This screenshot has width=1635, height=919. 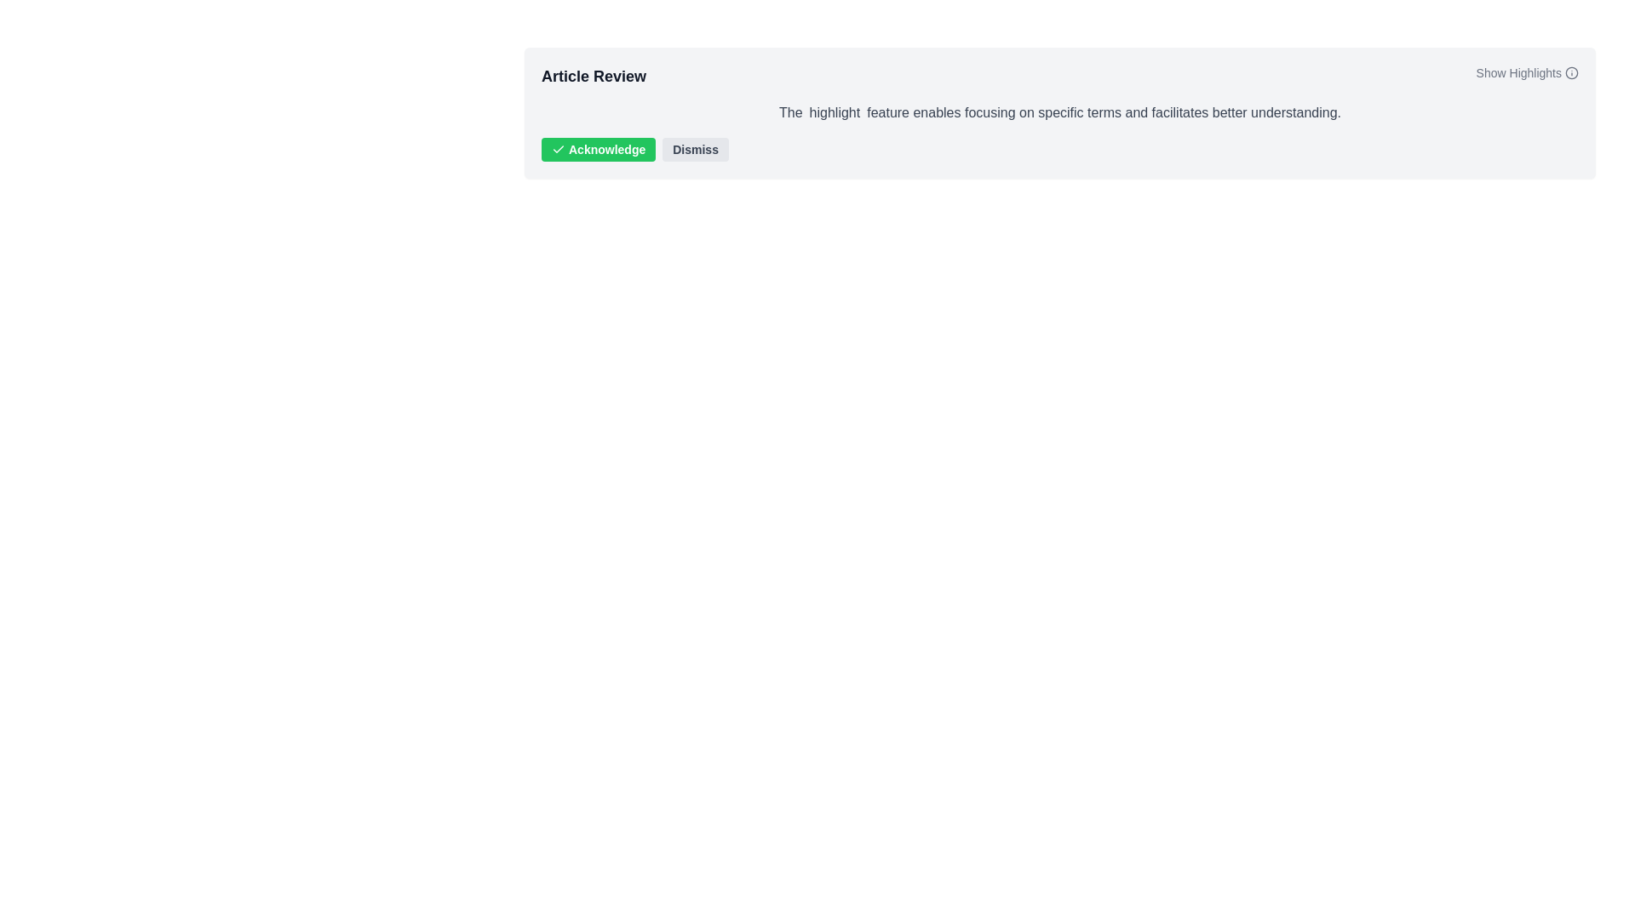 What do you see at coordinates (559, 149) in the screenshot?
I see `the checkmark SVG icon located inside the 'Acknowledge' button, adjacent to the button's text label` at bounding box center [559, 149].